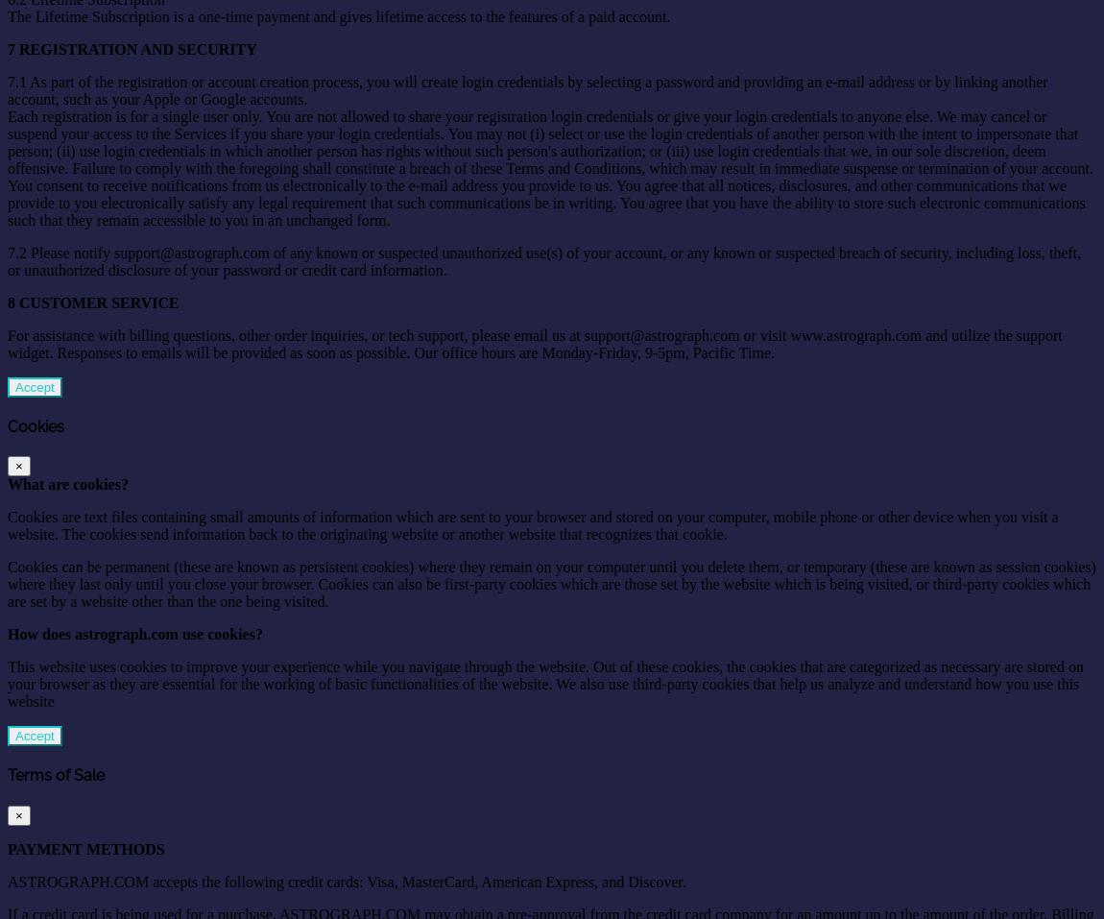 This screenshot has width=1104, height=919. What do you see at coordinates (527, 88) in the screenshot?
I see `'7.1  As part of the registration or account creation process, you will create login credentials by selecting a password and providing an e-mail address or by linking another account, such as your Apple or Google accounts.'` at bounding box center [527, 88].